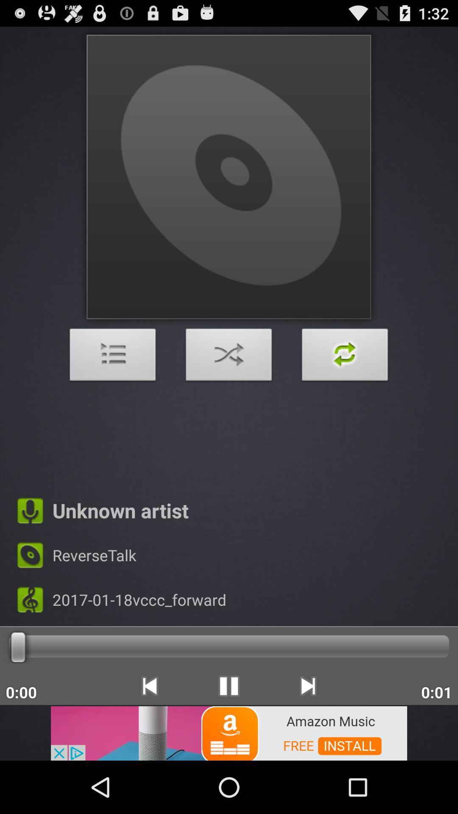 This screenshot has height=814, width=458. Describe the element at coordinates (345, 357) in the screenshot. I see `shuffle` at that location.